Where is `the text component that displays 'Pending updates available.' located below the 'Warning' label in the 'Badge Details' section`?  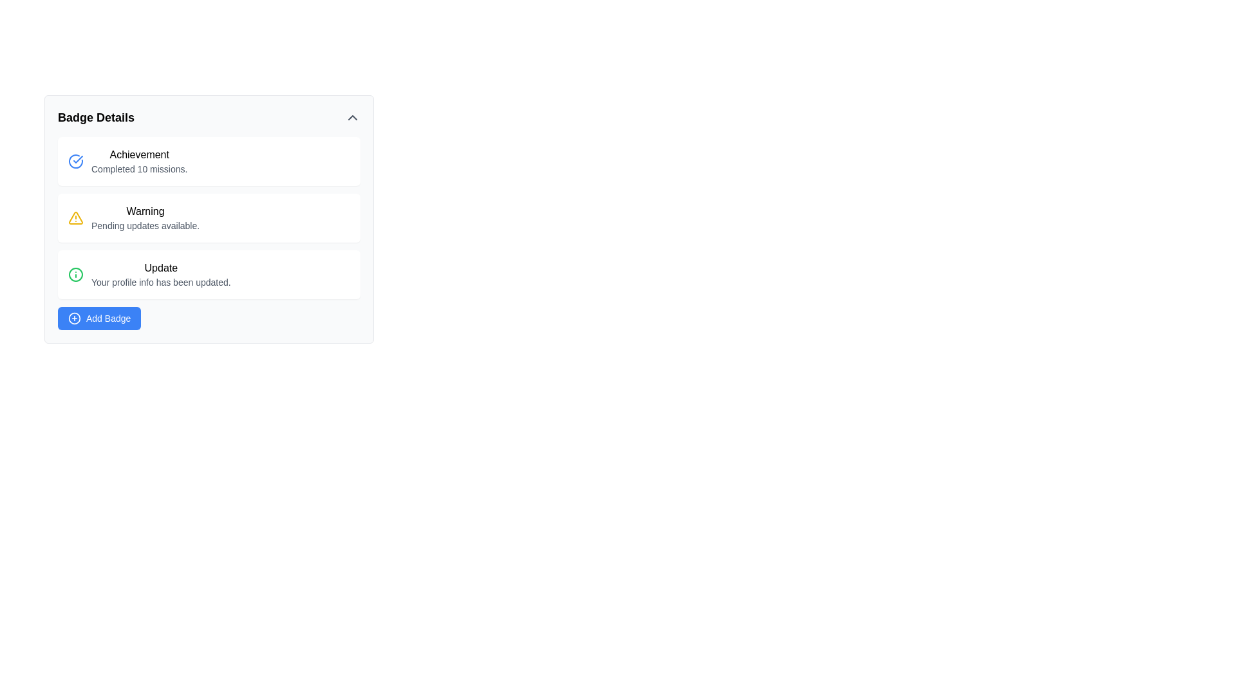
the text component that displays 'Pending updates available.' located below the 'Warning' label in the 'Badge Details' section is located at coordinates (145, 225).